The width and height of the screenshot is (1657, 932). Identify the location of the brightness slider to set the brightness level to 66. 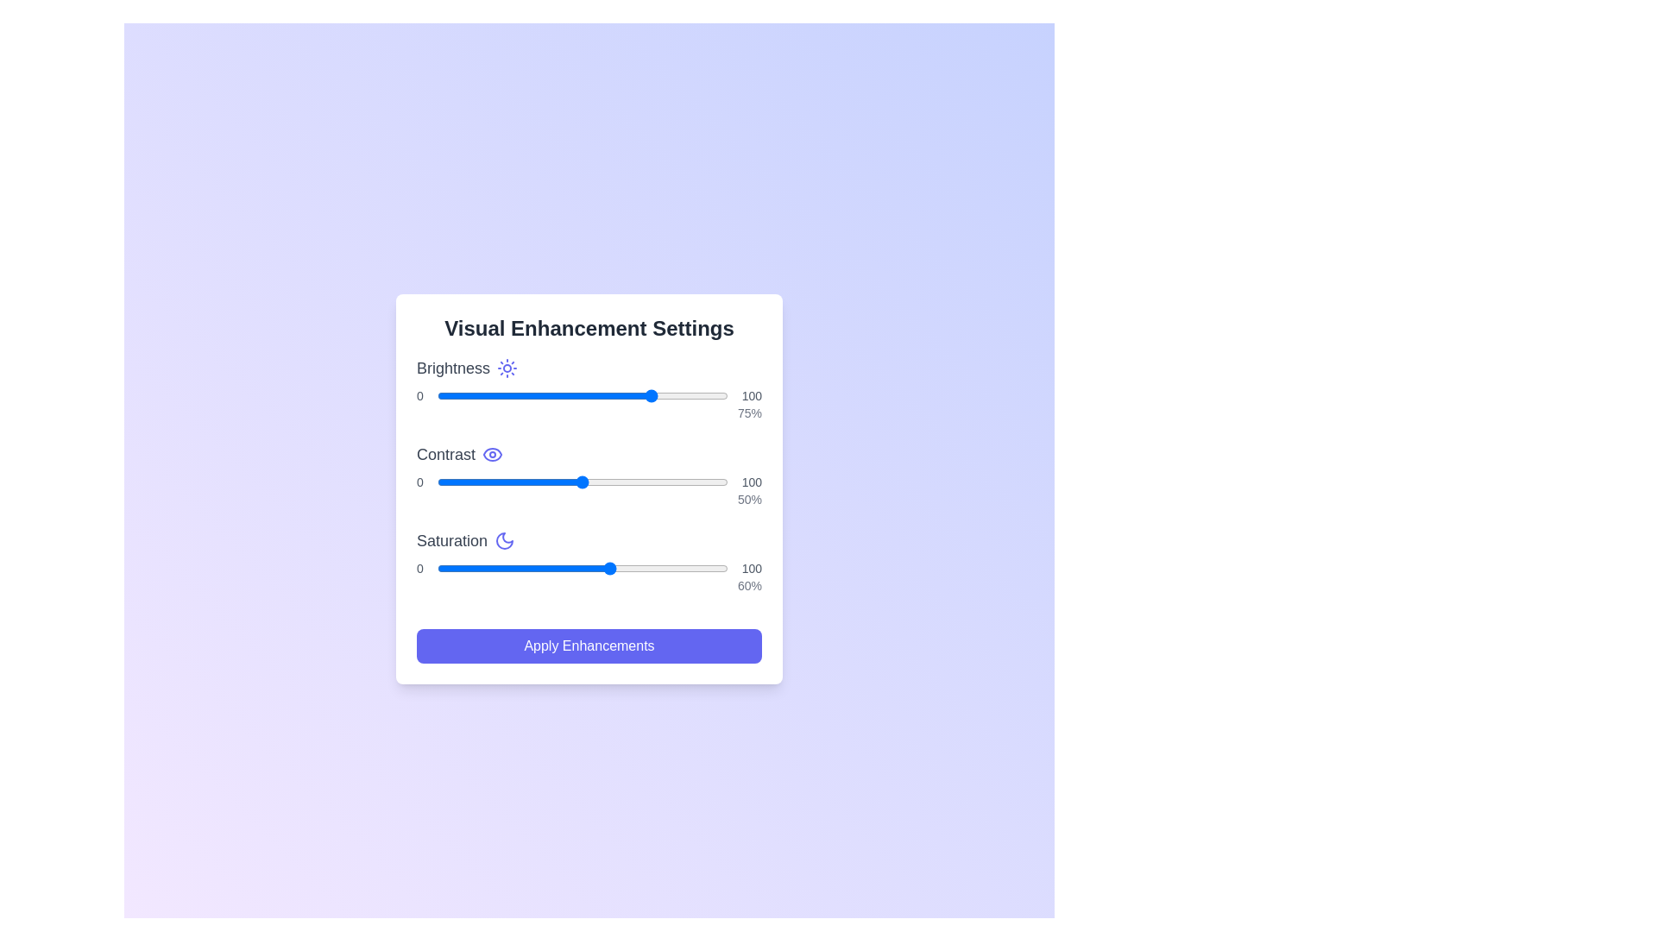
(628, 396).